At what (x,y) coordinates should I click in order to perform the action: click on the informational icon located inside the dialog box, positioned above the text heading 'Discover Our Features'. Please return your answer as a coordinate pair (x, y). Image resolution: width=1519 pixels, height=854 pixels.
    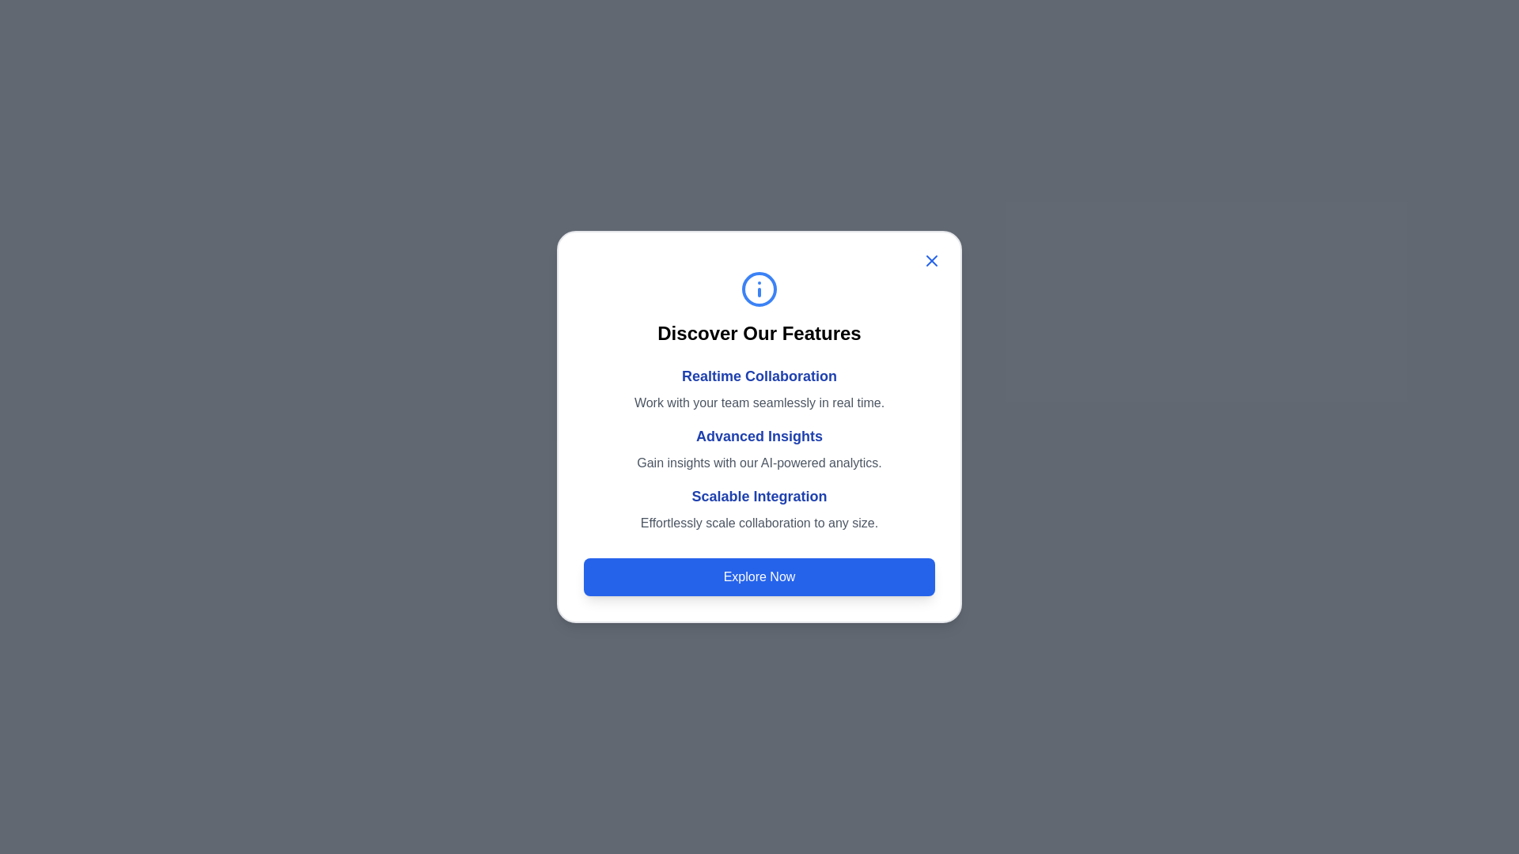
    Looking at the image, I should click on (759, 289).